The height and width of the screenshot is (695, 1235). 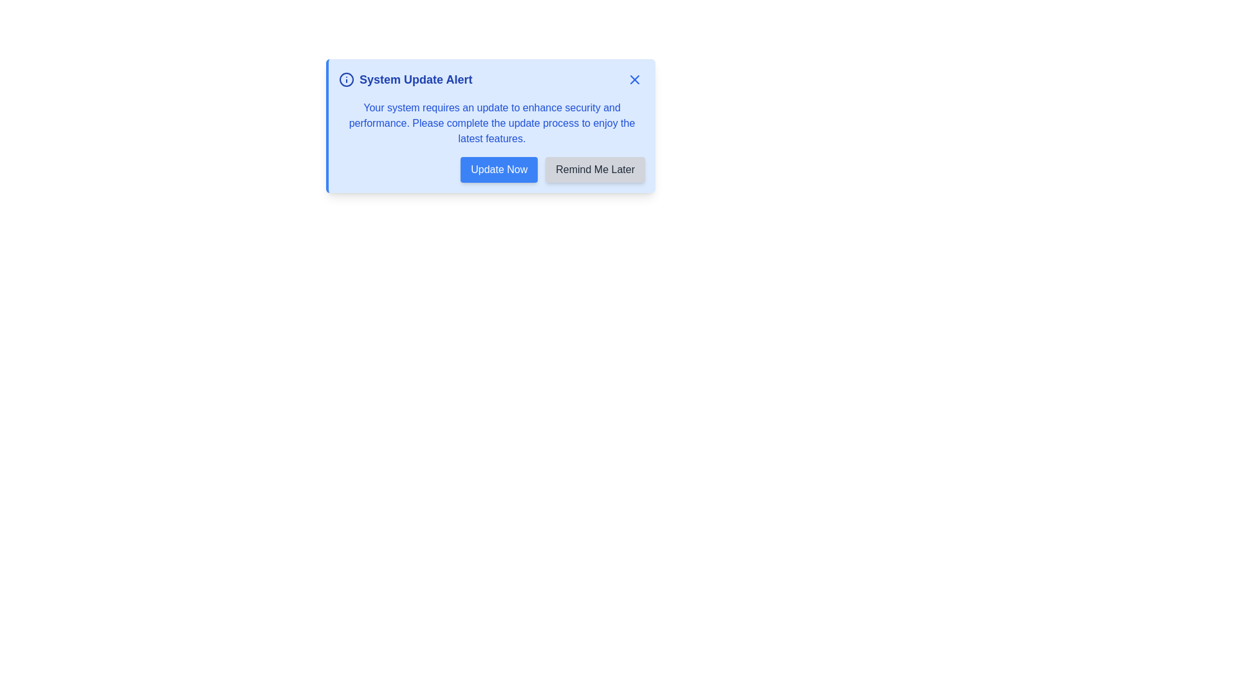 What do you see at coordinates (499, 169) in the screenshot?
I see `the rectangular button with a blue background and white text reading 'Update Now', located at the bottom-right corner of the 'System Update Alert' dialog box to change its background color` at bounding box center [499, 169].